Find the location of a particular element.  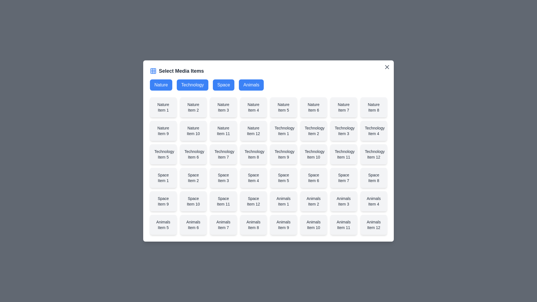

the close button to close the dialog is located at coordinates (387, 67).